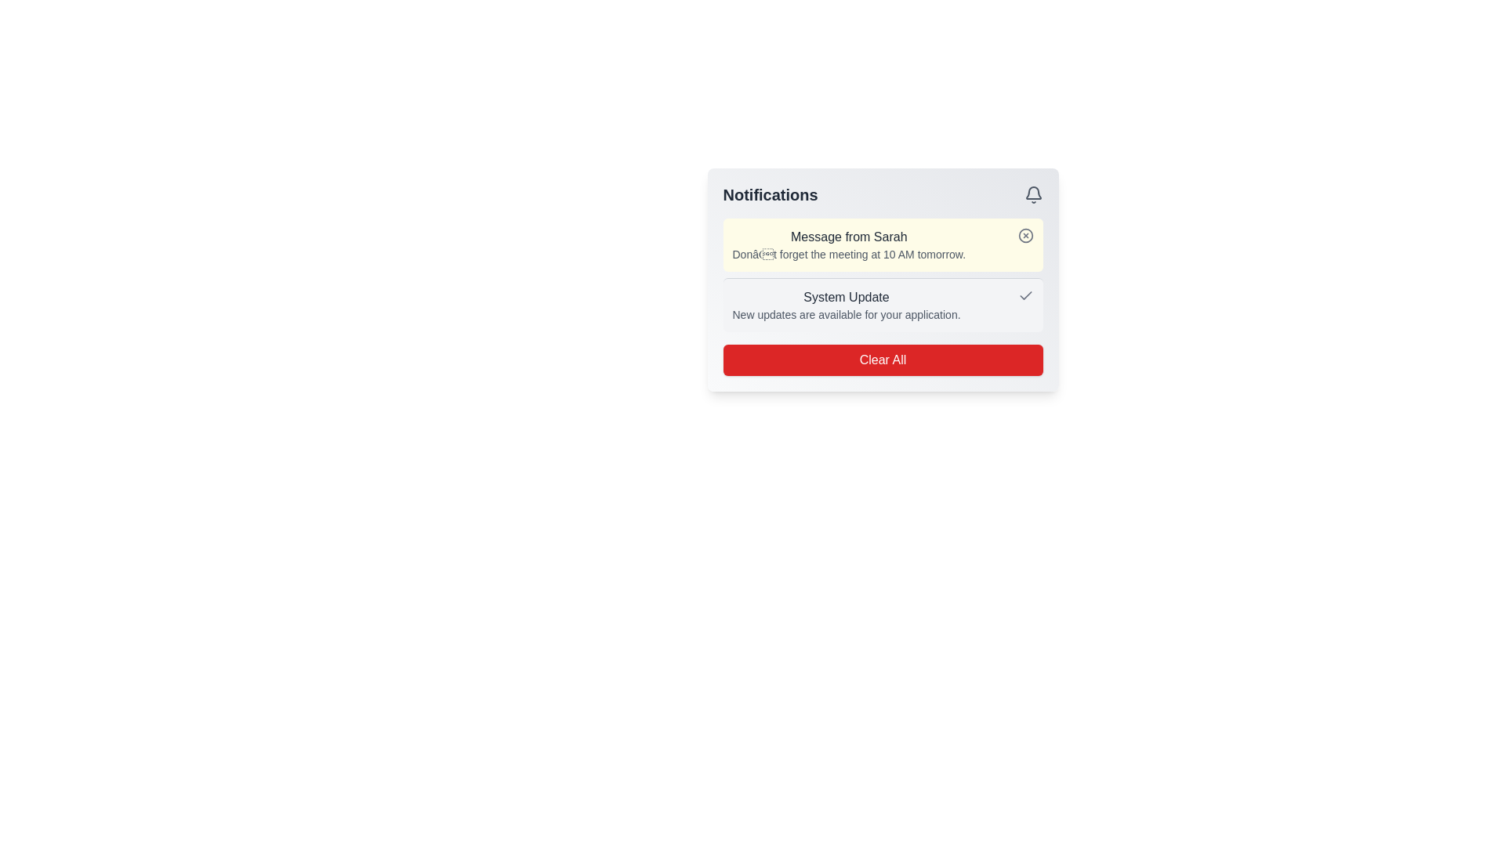 This screenshot has width=1505, height=846. What do you see at coordinates (848, 244) in the screenshot?
I see `text content of the notification from user Sarah, which is located at the topmost item in the 'Notifications' card, directly below the 'Notifications' heading` at bounding box center [848, 244].